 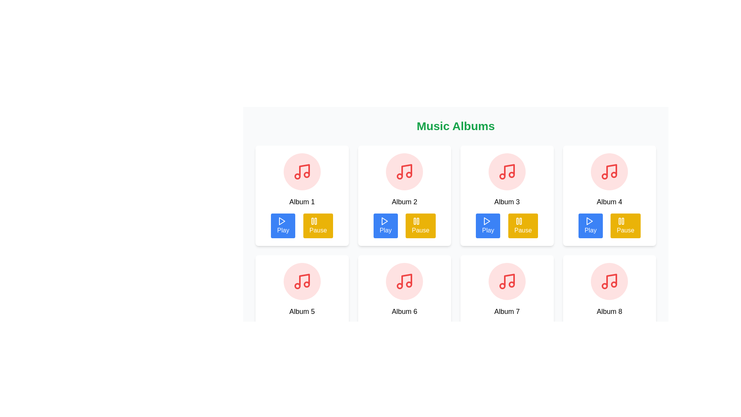 I want to click on the design of the circular icon featuring a red music note symbol on a pink background, located within the card labeled 'Album 4', so click(x=609, y=171).